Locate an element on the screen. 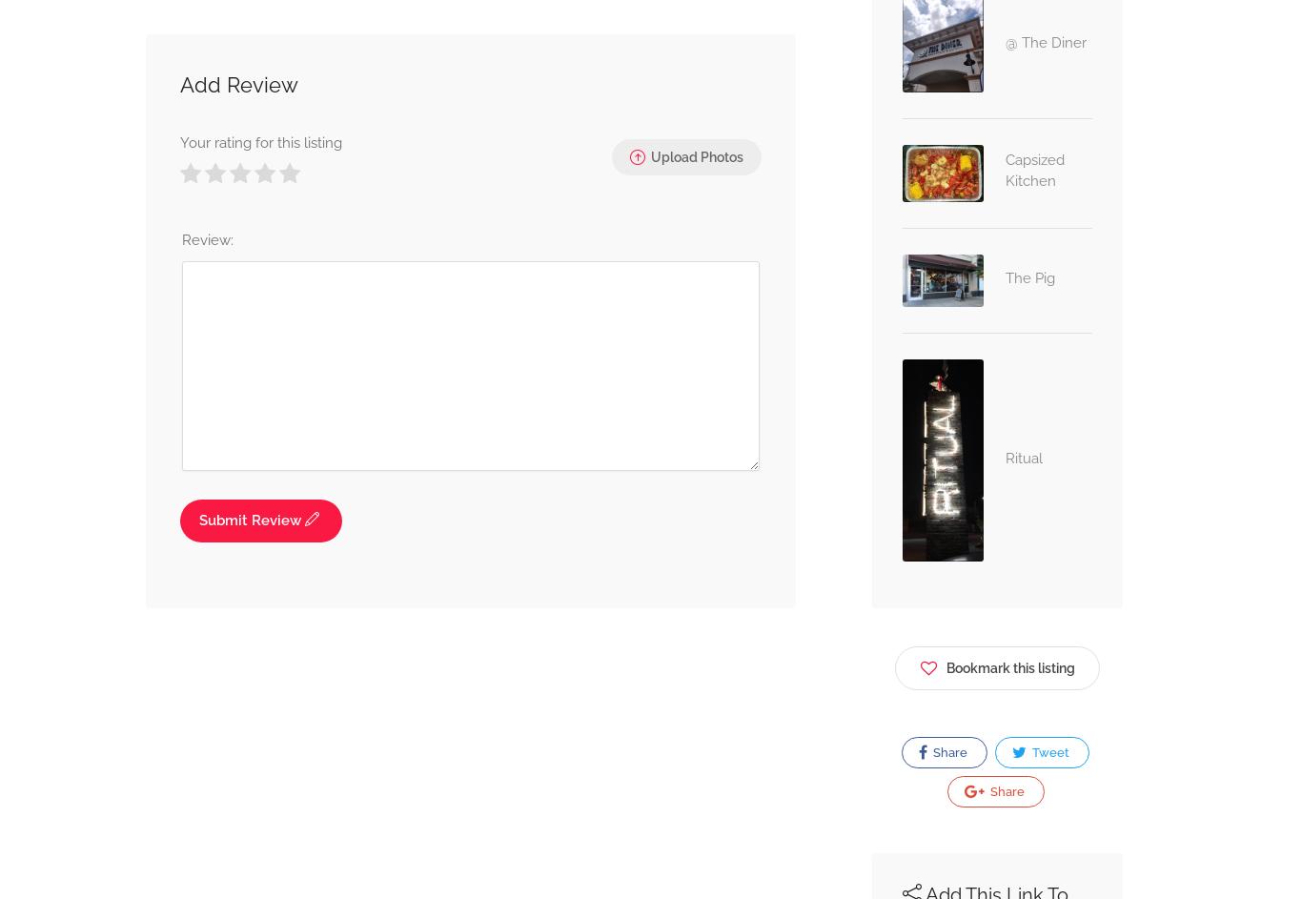  'Your rating for this listing' is located at coordinates (261, 141).